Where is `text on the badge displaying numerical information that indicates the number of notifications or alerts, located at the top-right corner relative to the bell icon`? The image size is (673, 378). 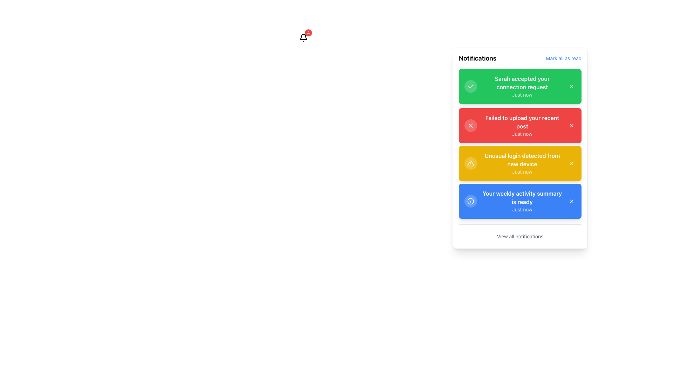
text on the badge displaying numerical information that indicates the number of notifications or alerts, located at the top-right corner relative to the bell icon is located at coordinates (308, 33).